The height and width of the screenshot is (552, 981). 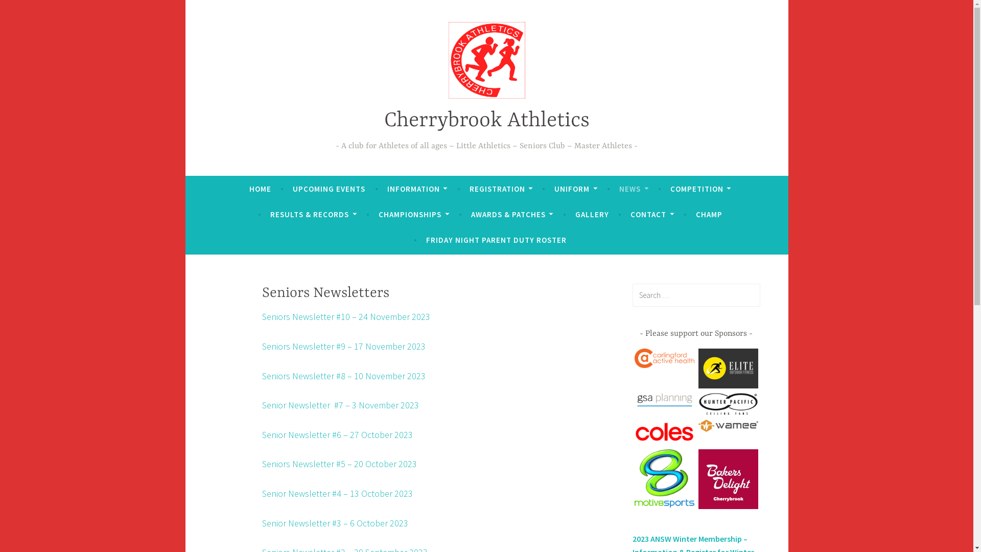 What do you see at coordinates (486, 120) in the screenshot?
I see `'Cherrybrook Athletics'` at bounding box center [486, 120].